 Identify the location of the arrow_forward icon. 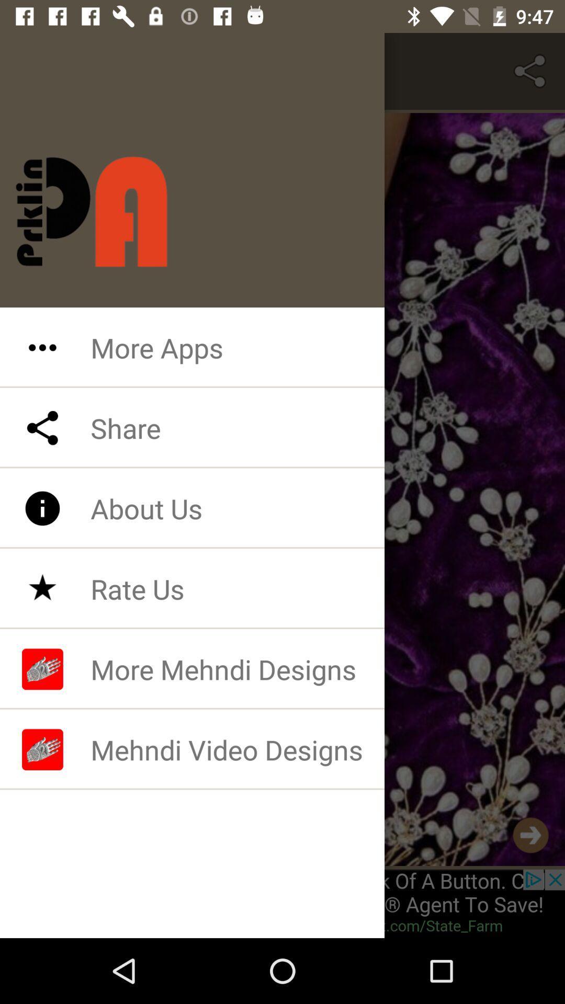
(530, 835).